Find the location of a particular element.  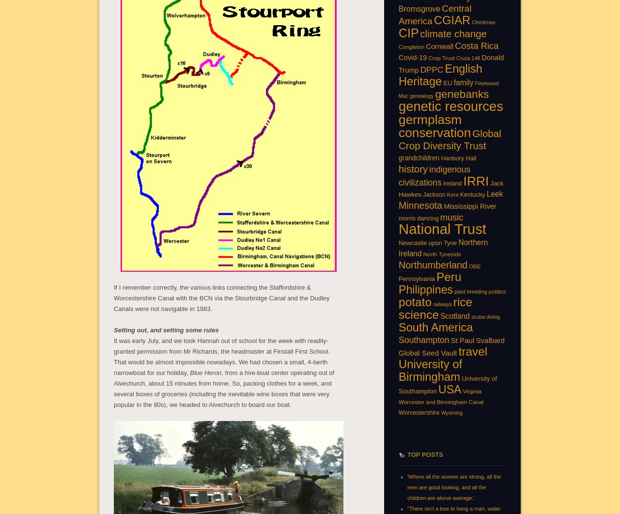

'Christmas' is located at coordinates (471, 21).